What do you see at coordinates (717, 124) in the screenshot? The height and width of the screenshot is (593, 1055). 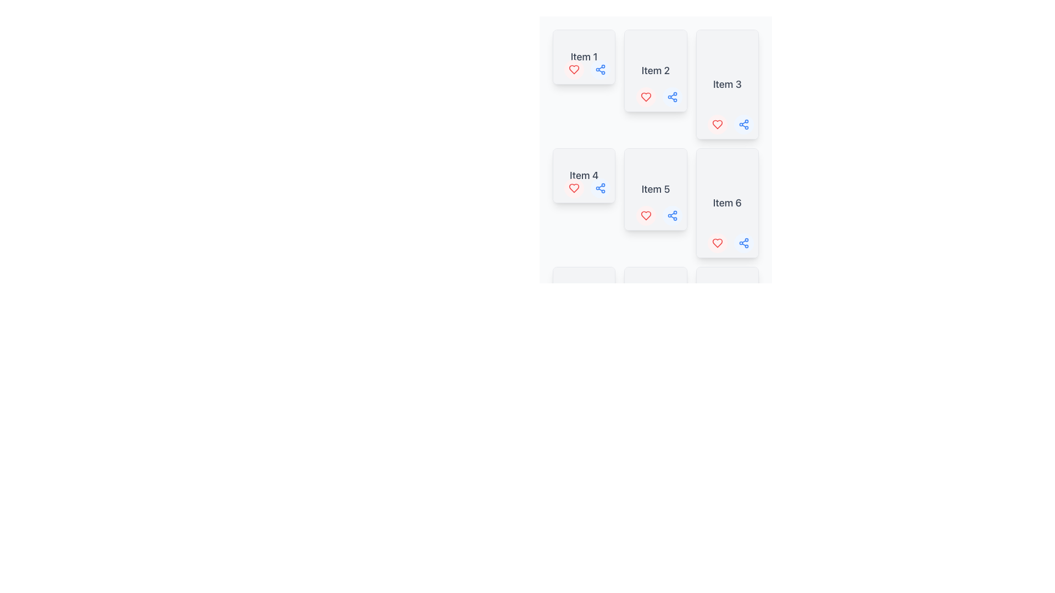 I see `the 'like' icon located in the interactive round button at the bottom-left corner of the card labeled 'Item 3'` at bounding box center [717, 124].